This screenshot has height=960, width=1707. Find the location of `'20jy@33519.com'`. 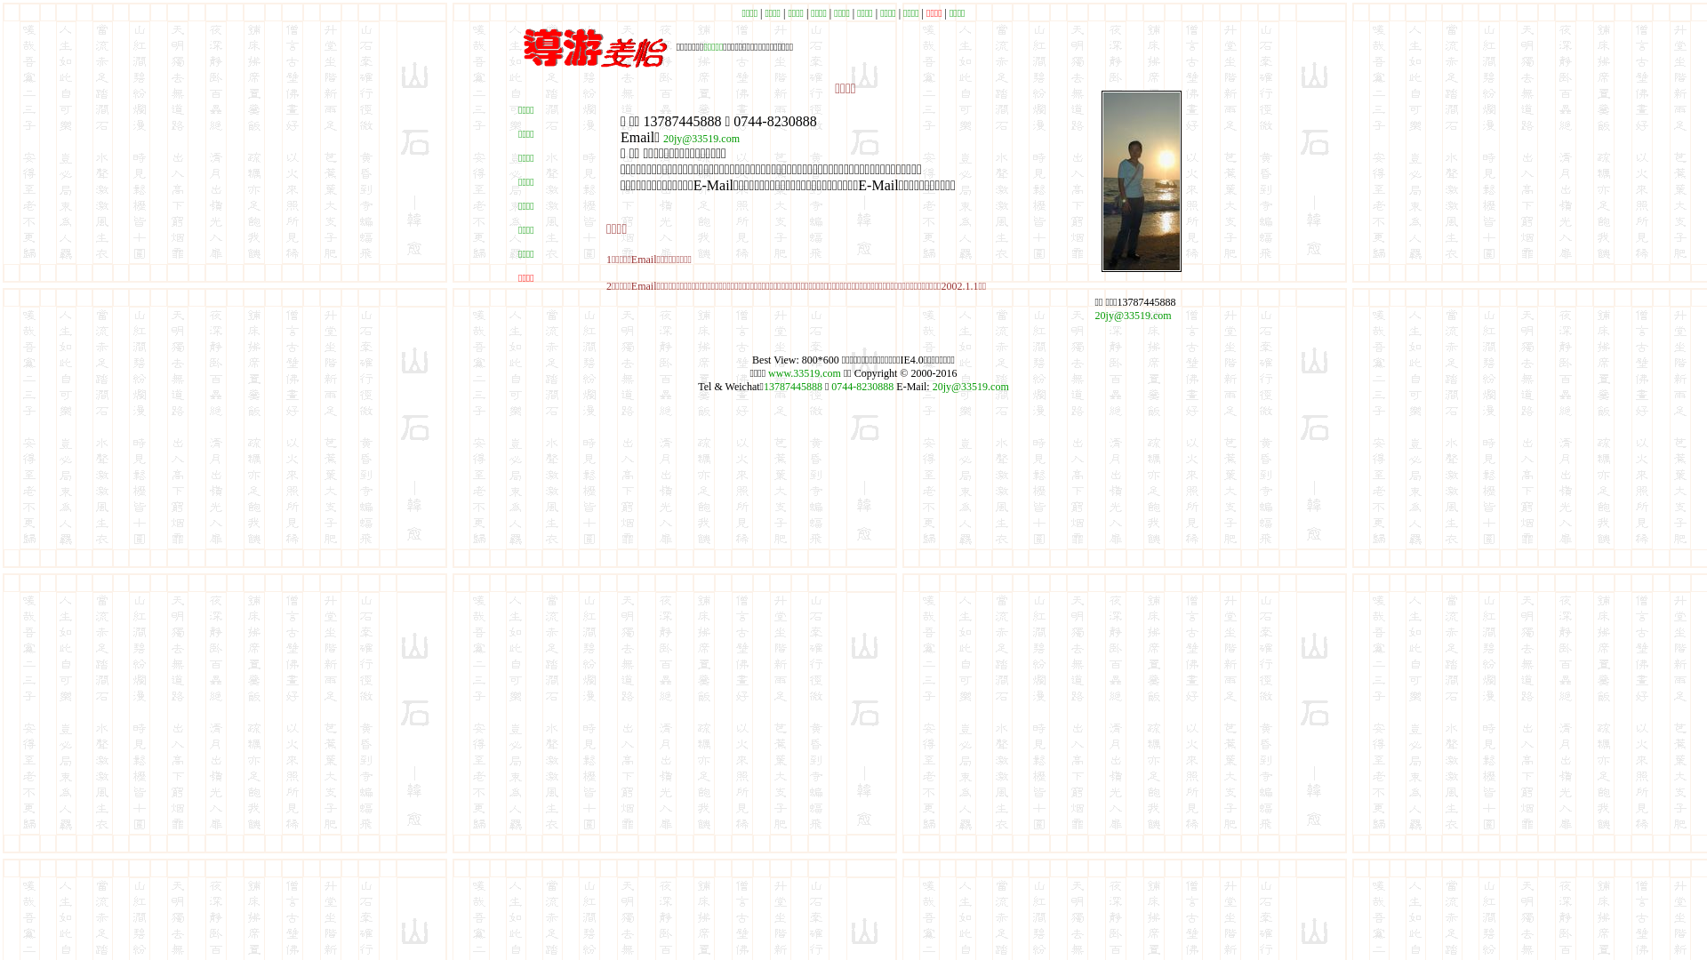

'20jy@33519.com' is located at coordinates (700, 137).